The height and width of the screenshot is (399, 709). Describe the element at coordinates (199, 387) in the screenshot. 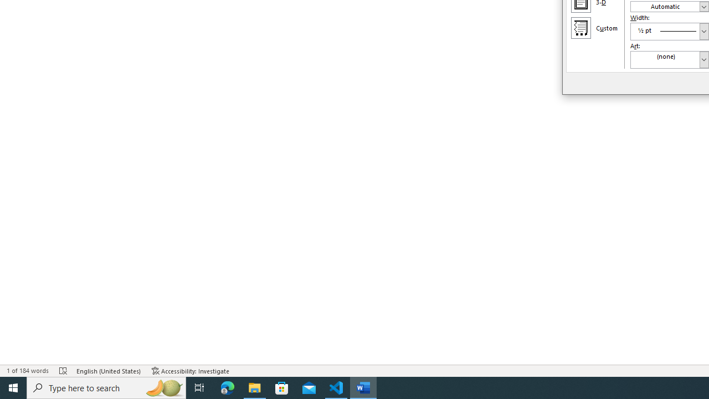

I see `'Task View'` at that location.